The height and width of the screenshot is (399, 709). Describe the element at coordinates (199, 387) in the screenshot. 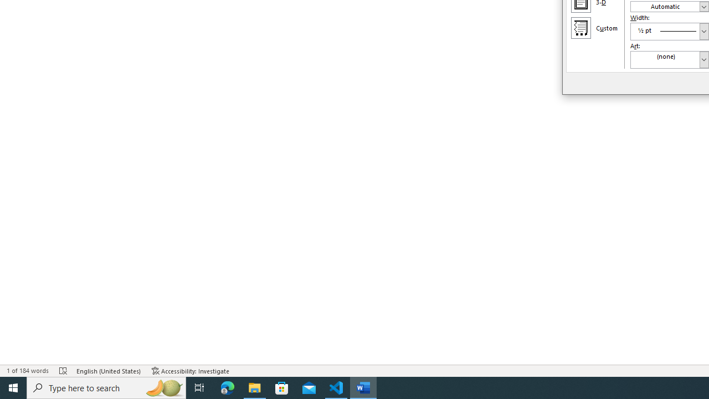

I see `'Task View'` at that location.